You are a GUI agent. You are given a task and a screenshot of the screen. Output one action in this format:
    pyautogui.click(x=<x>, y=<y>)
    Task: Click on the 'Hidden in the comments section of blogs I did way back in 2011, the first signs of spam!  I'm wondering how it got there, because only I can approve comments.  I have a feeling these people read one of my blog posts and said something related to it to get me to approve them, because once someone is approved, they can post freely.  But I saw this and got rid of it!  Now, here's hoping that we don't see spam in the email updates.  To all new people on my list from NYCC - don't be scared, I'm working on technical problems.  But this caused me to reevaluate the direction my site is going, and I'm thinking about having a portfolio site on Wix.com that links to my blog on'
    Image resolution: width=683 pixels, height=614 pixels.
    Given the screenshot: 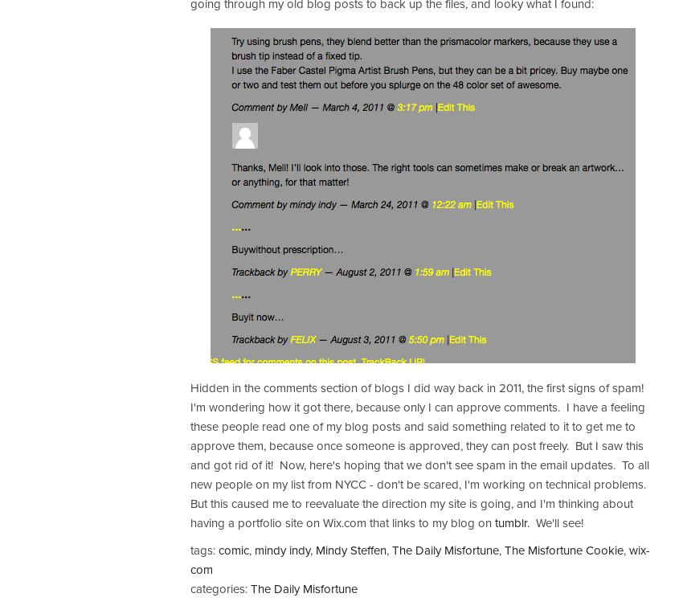 What is the action you would take?
    pyautogui.click(x=419, y=455)
    